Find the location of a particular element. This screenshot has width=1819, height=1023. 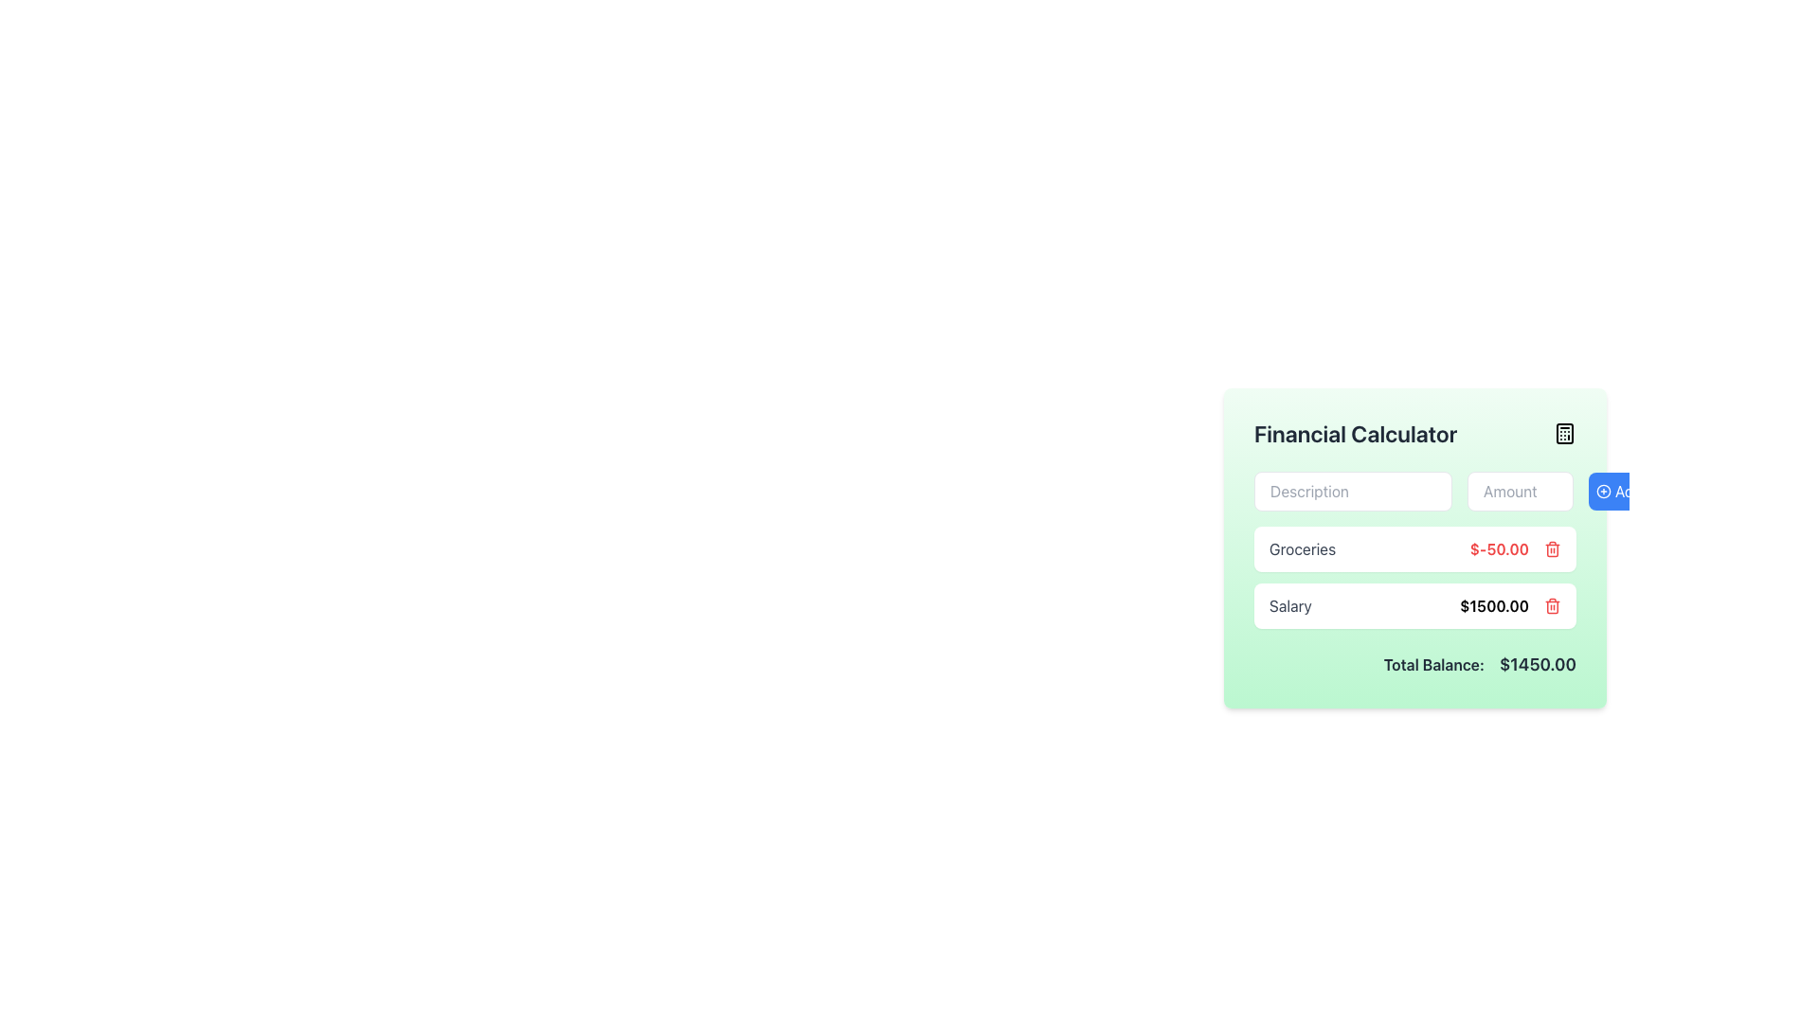

the text label displaying the amount '$1500.00' in a green, bold font located in the 'Salary' section of the financial calculator widget, positioned horizontally next to the delete icon button is located at coordinates (1509, 606).